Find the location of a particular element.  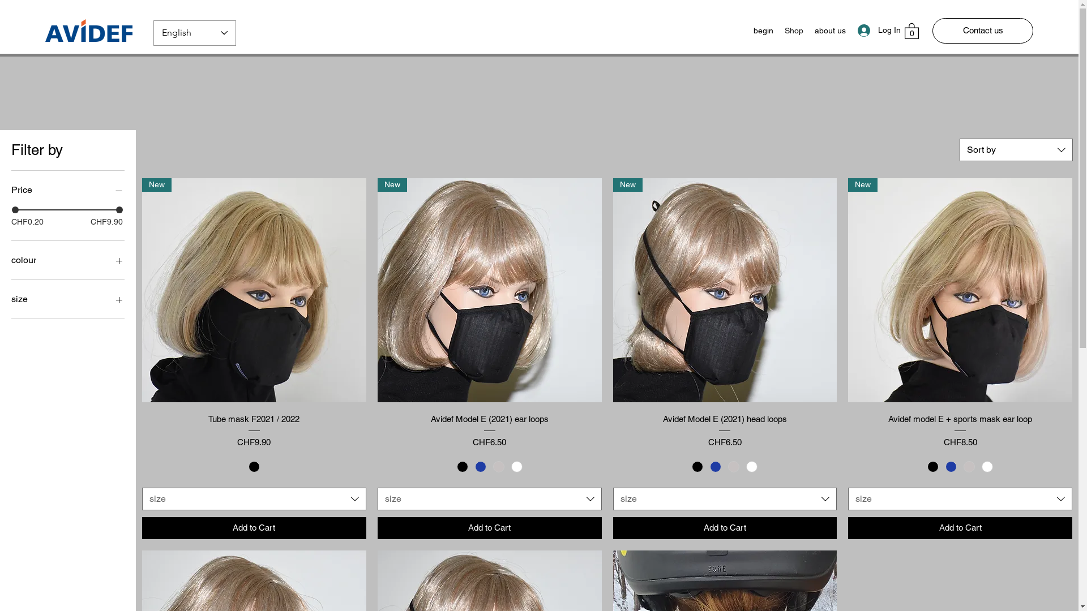

'about us' is located at coordinates (830, 30).